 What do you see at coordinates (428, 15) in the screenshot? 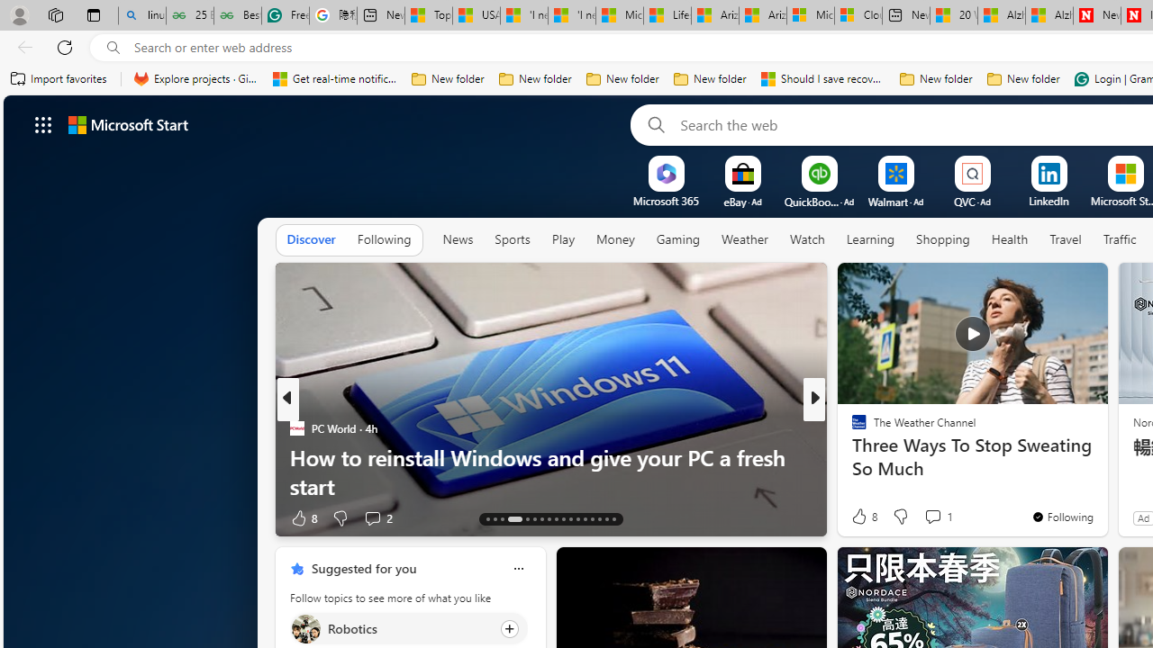
I see `'Top Stories - MSN'` at bounding box center [428, 15].